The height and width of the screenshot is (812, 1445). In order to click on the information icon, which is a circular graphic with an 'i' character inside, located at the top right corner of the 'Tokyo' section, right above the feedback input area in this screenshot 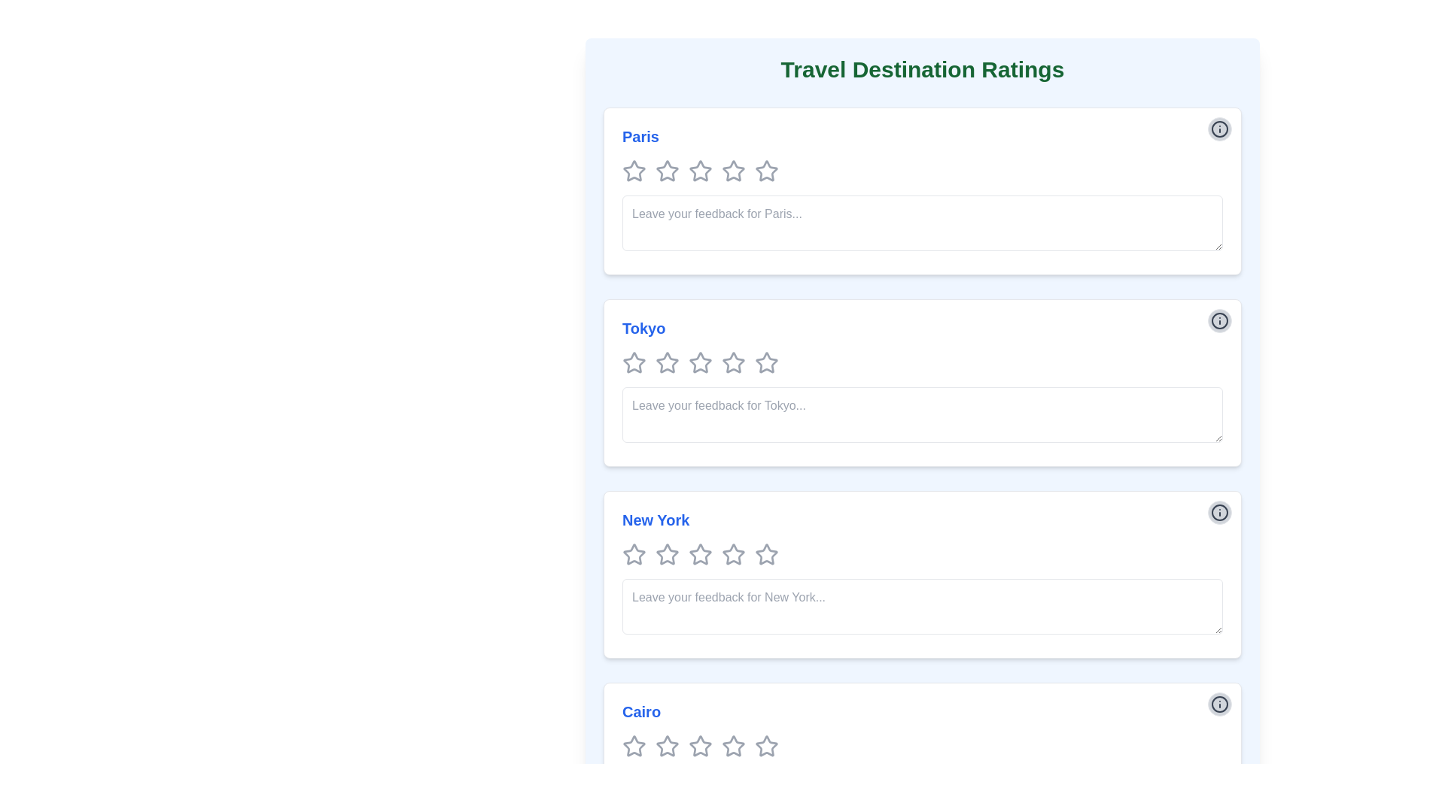, I will do `click(1220, 320)`.